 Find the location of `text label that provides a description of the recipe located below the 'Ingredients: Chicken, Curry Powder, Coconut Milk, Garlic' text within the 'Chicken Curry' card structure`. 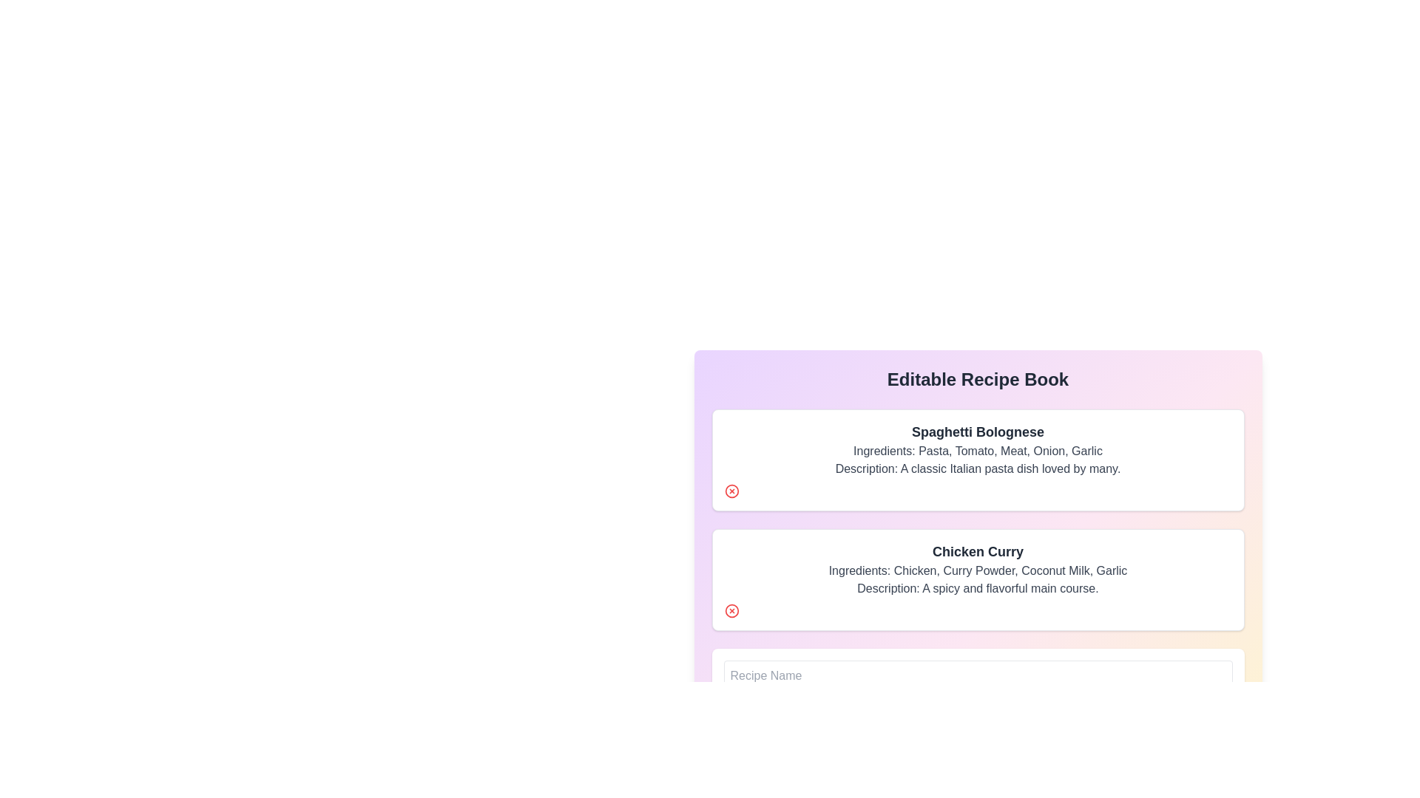

text label that provides a description of the recipe located below the 'Ingredients: Chicken, Curry Powder, Coconut Milk, Garlic' text within the 'Chicken Curry' card structure is located at coordinates (978, 588).